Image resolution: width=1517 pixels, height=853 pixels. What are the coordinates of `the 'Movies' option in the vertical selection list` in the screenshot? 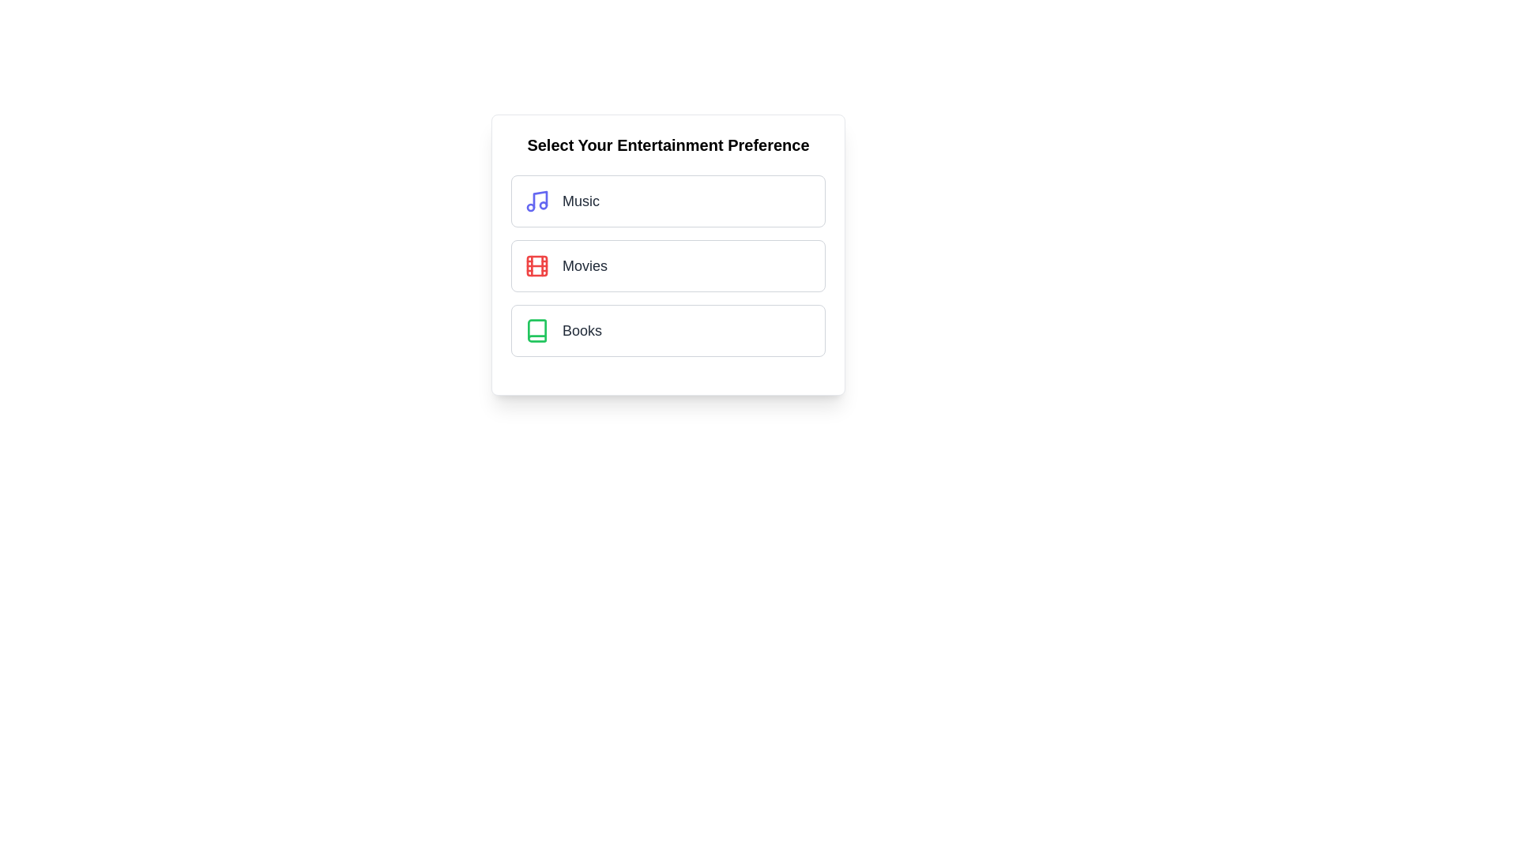 It's located at (668, 254).